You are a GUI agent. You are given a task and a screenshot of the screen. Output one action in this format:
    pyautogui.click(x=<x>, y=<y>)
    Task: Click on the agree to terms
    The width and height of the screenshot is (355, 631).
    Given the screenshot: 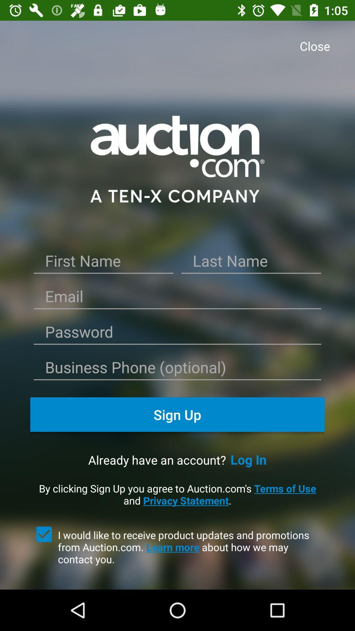 What is the action you would take?
    pyautogui.click(x=44, y=534)
    